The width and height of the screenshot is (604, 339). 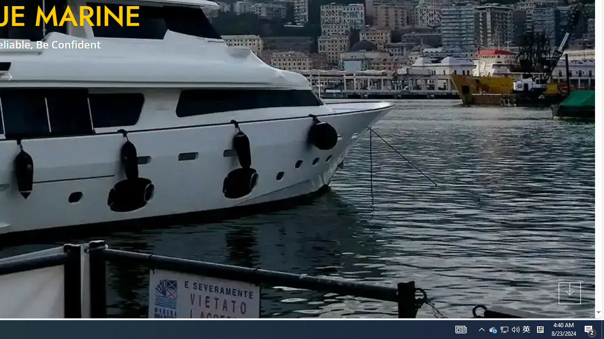 I want to click on 'Next Slide', so click(x=10, y=76).